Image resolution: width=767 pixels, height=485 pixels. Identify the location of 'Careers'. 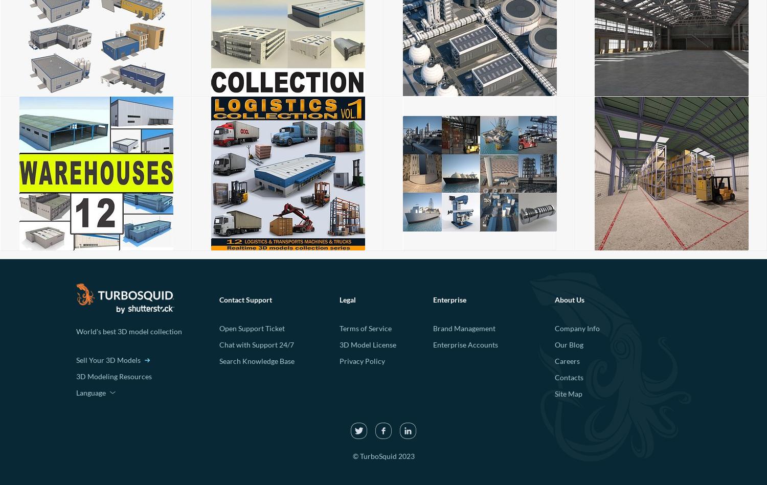
(566, 361).